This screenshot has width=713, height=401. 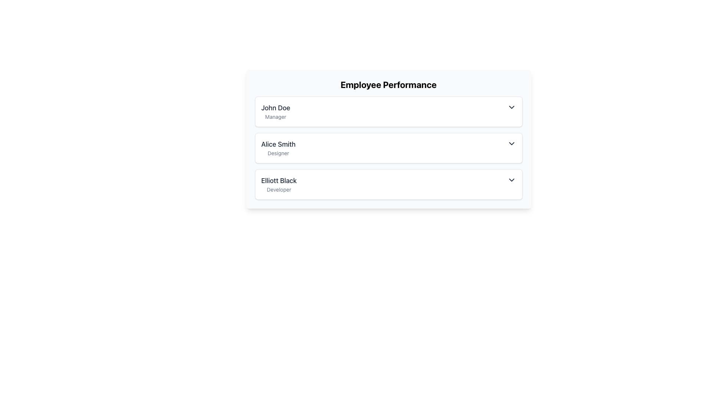 What do you see at coordinates (511, 143) in the screenshot?
I see `the chevron icon` at bounding box center [511, 143].